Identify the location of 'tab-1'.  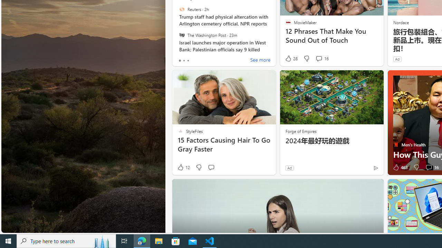
(184, 60).